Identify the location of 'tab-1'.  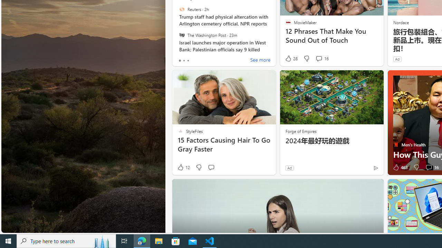
(184, 60).